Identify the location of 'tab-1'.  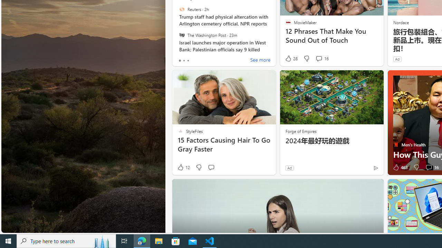
(184, 60).